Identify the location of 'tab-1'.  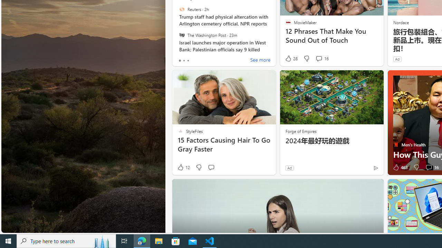
(184, 60).